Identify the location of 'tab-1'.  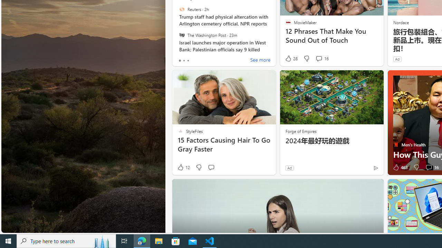
(184, 60).